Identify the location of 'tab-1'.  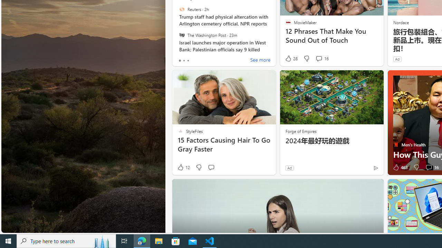
(184, 60).